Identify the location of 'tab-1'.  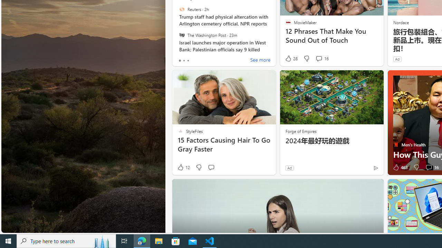
(184, 60).